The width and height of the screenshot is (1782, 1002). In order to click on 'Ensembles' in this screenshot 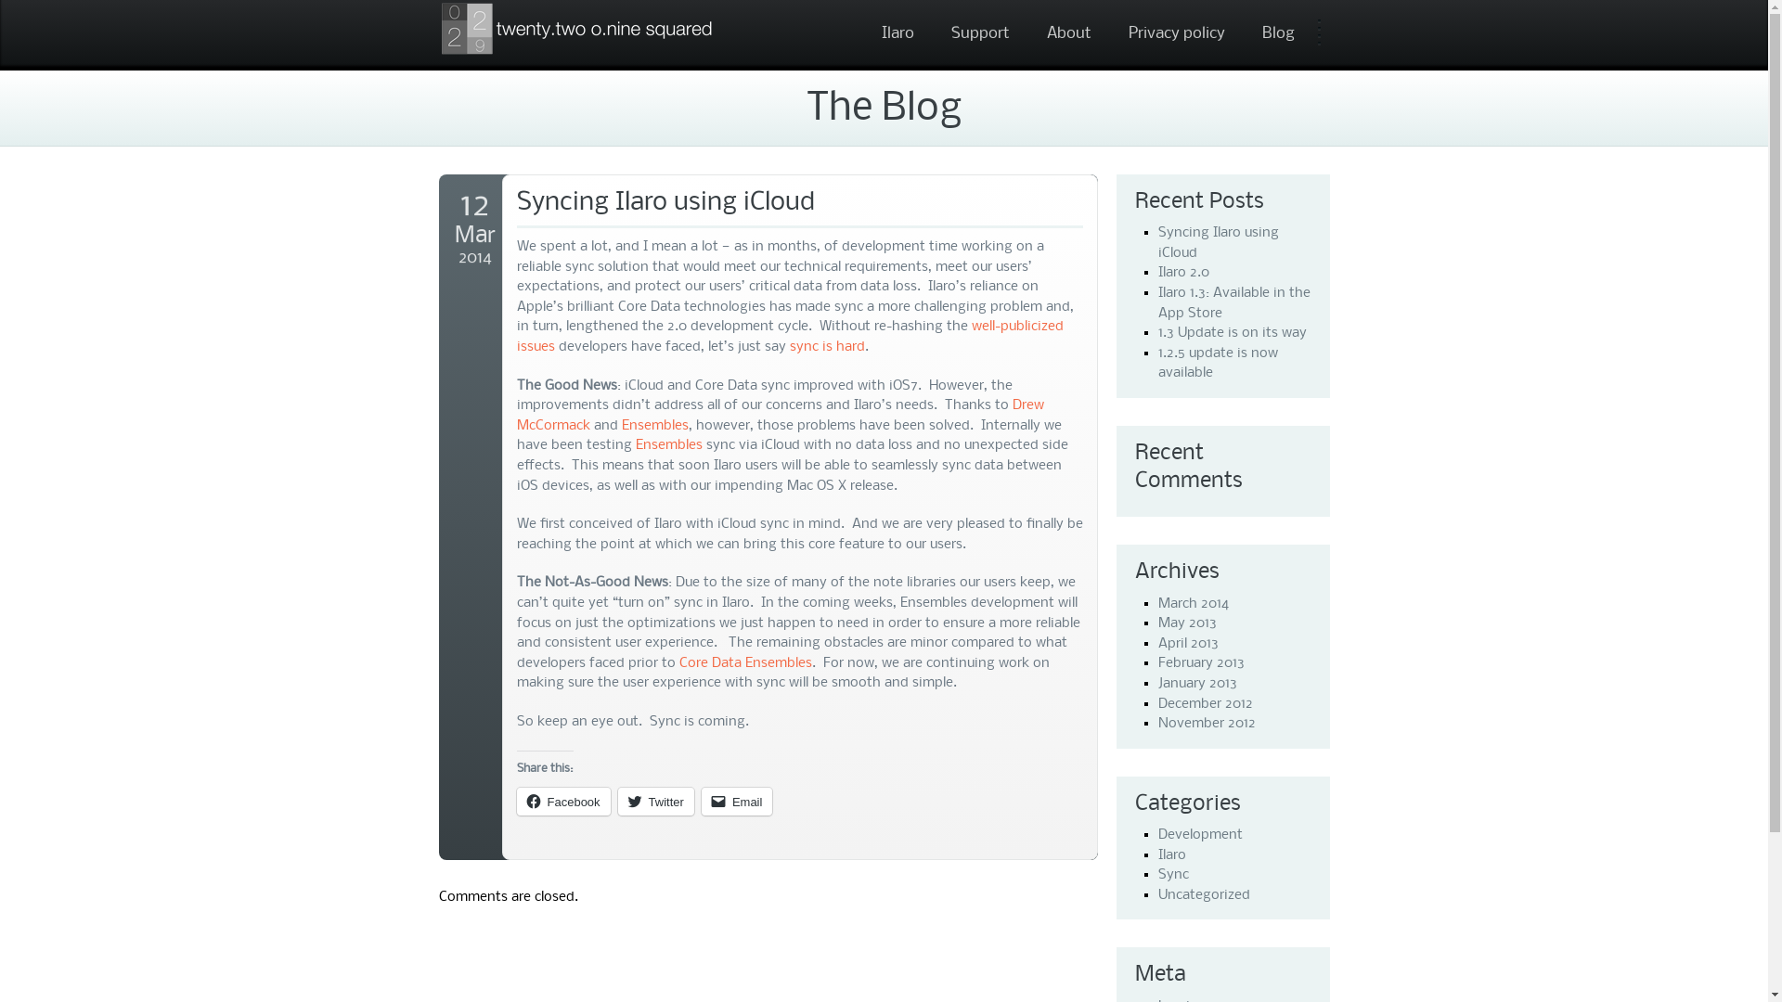, I will do `click(668, 444)`.